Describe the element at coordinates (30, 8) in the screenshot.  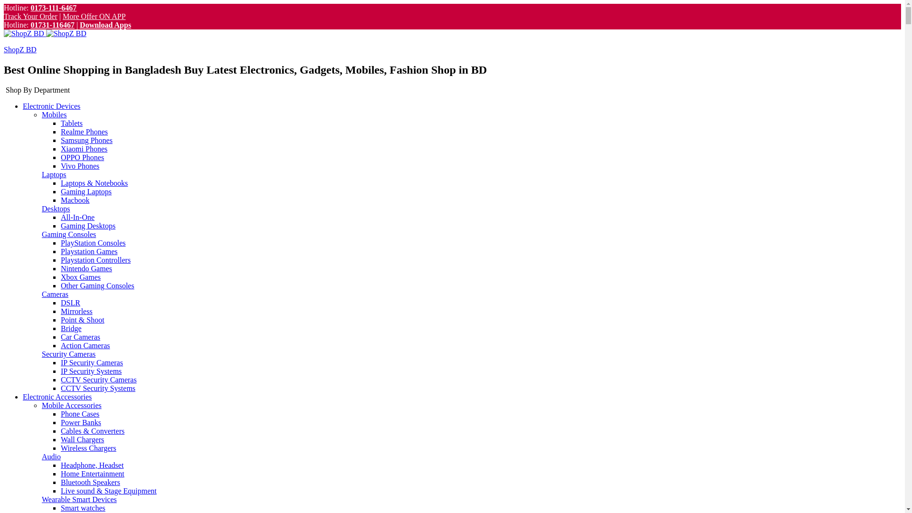
I see `'0173-111-6467'` at that location.